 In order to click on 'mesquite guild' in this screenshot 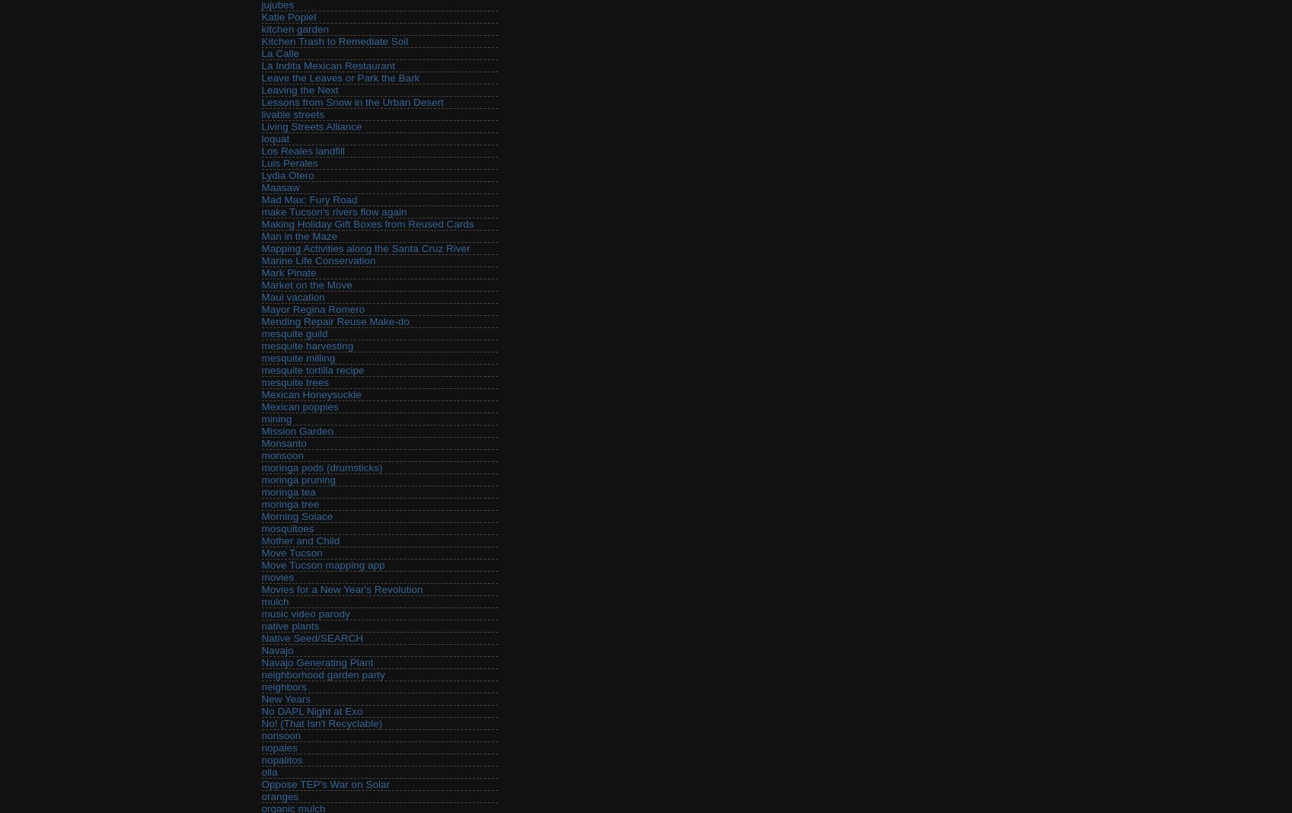, I will do `click(294, 333)`.